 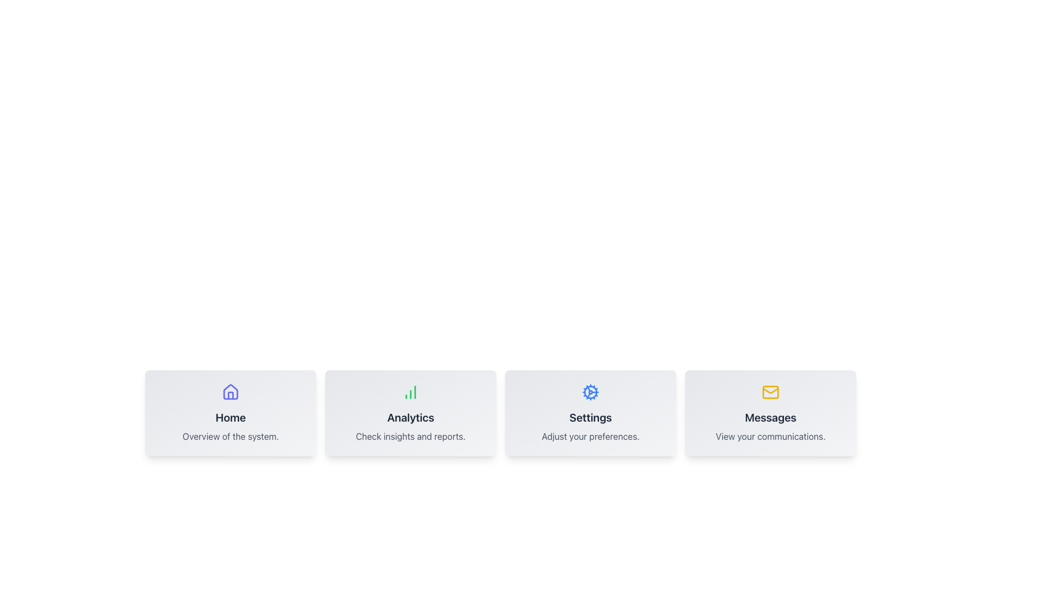 I want to click on the blue cogwheel icon located in the third card from the left under the 'Settings' label, so click(x=590, y=391).